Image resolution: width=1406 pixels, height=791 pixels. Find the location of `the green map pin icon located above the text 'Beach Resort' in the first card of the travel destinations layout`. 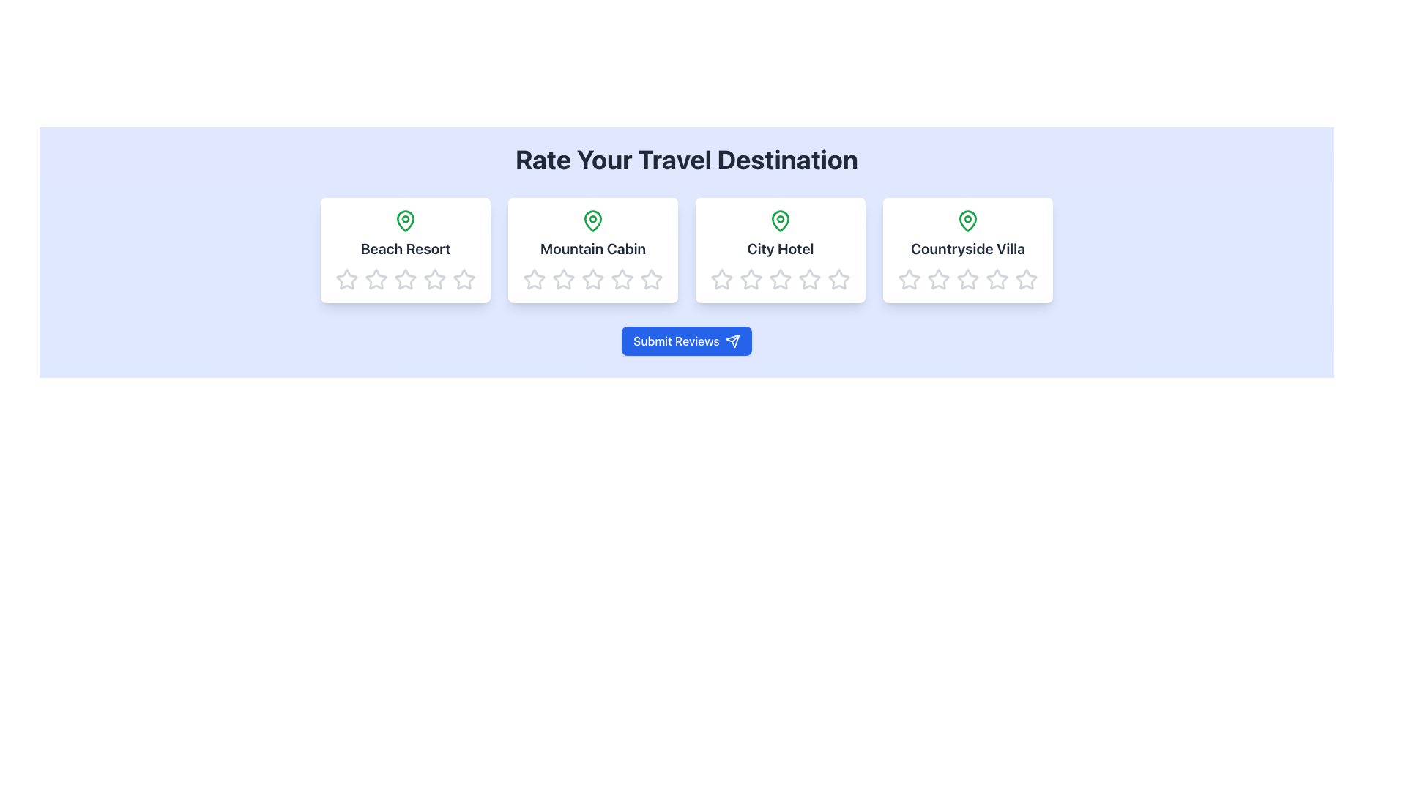

the green map pin icon located above the text 'Beach Resort' in the first card of the travel destinations layout is located at coordinates (405, 220).